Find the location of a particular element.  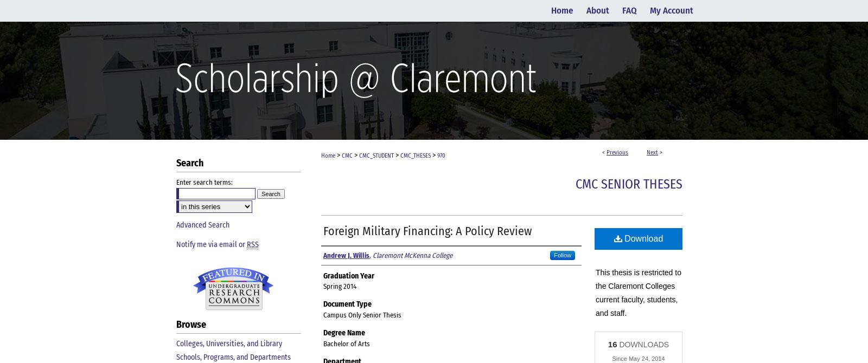

'This thesis is restricted to the Claremont Colleges current faculty, students, and staff.' is located at coordinates (638, 292).